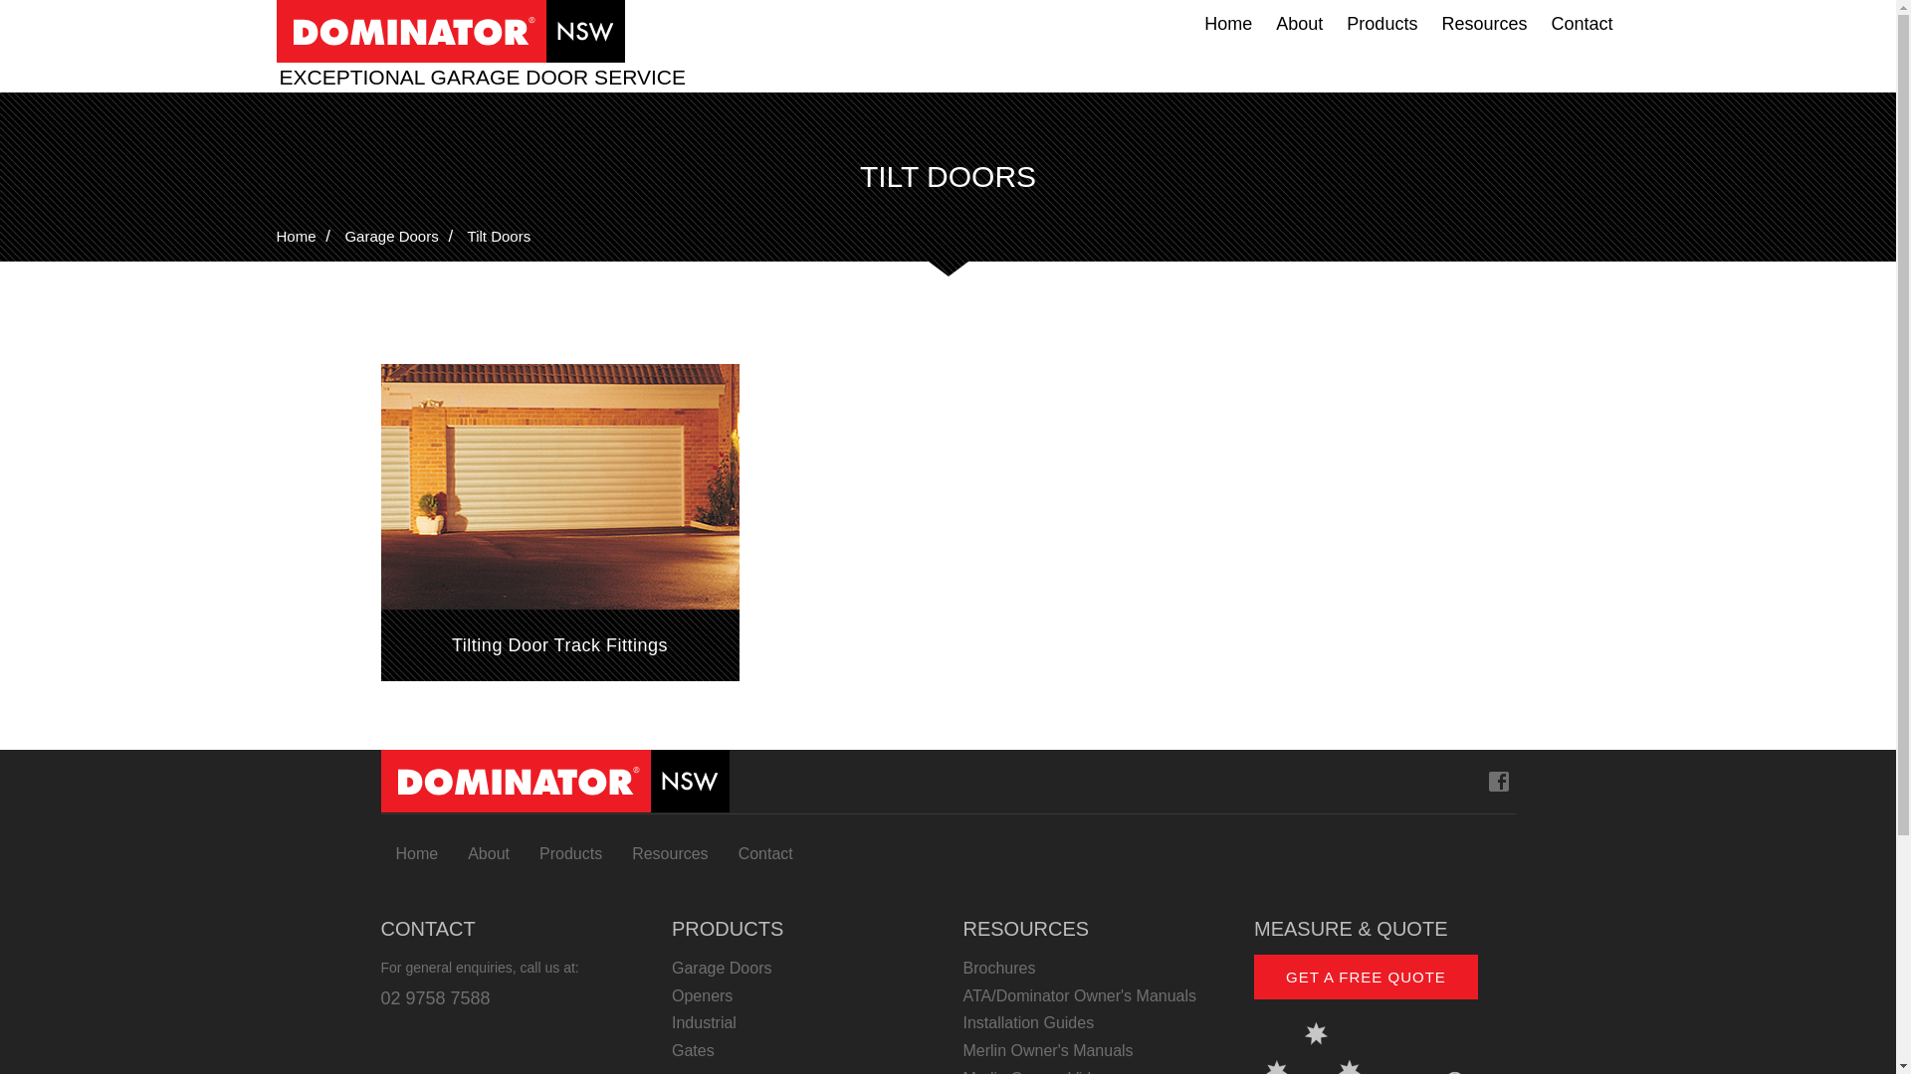 The width and height of the screenshot is (1911, 1074). What do you see at coordinates (802, 1023) in the screenshot?
I see `'Industrial'` at bounding box center [802, 1023].